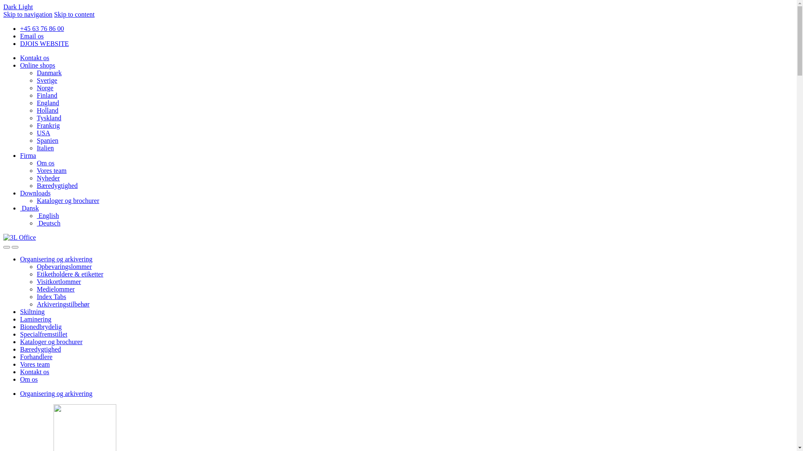 Image resolution: width=803 pixels, height=451 pixels. What do you see at coordinates (20, 43) in the screenshot?
I see `'DJOIS WEBSITE'` at bounding box center [20, 43].